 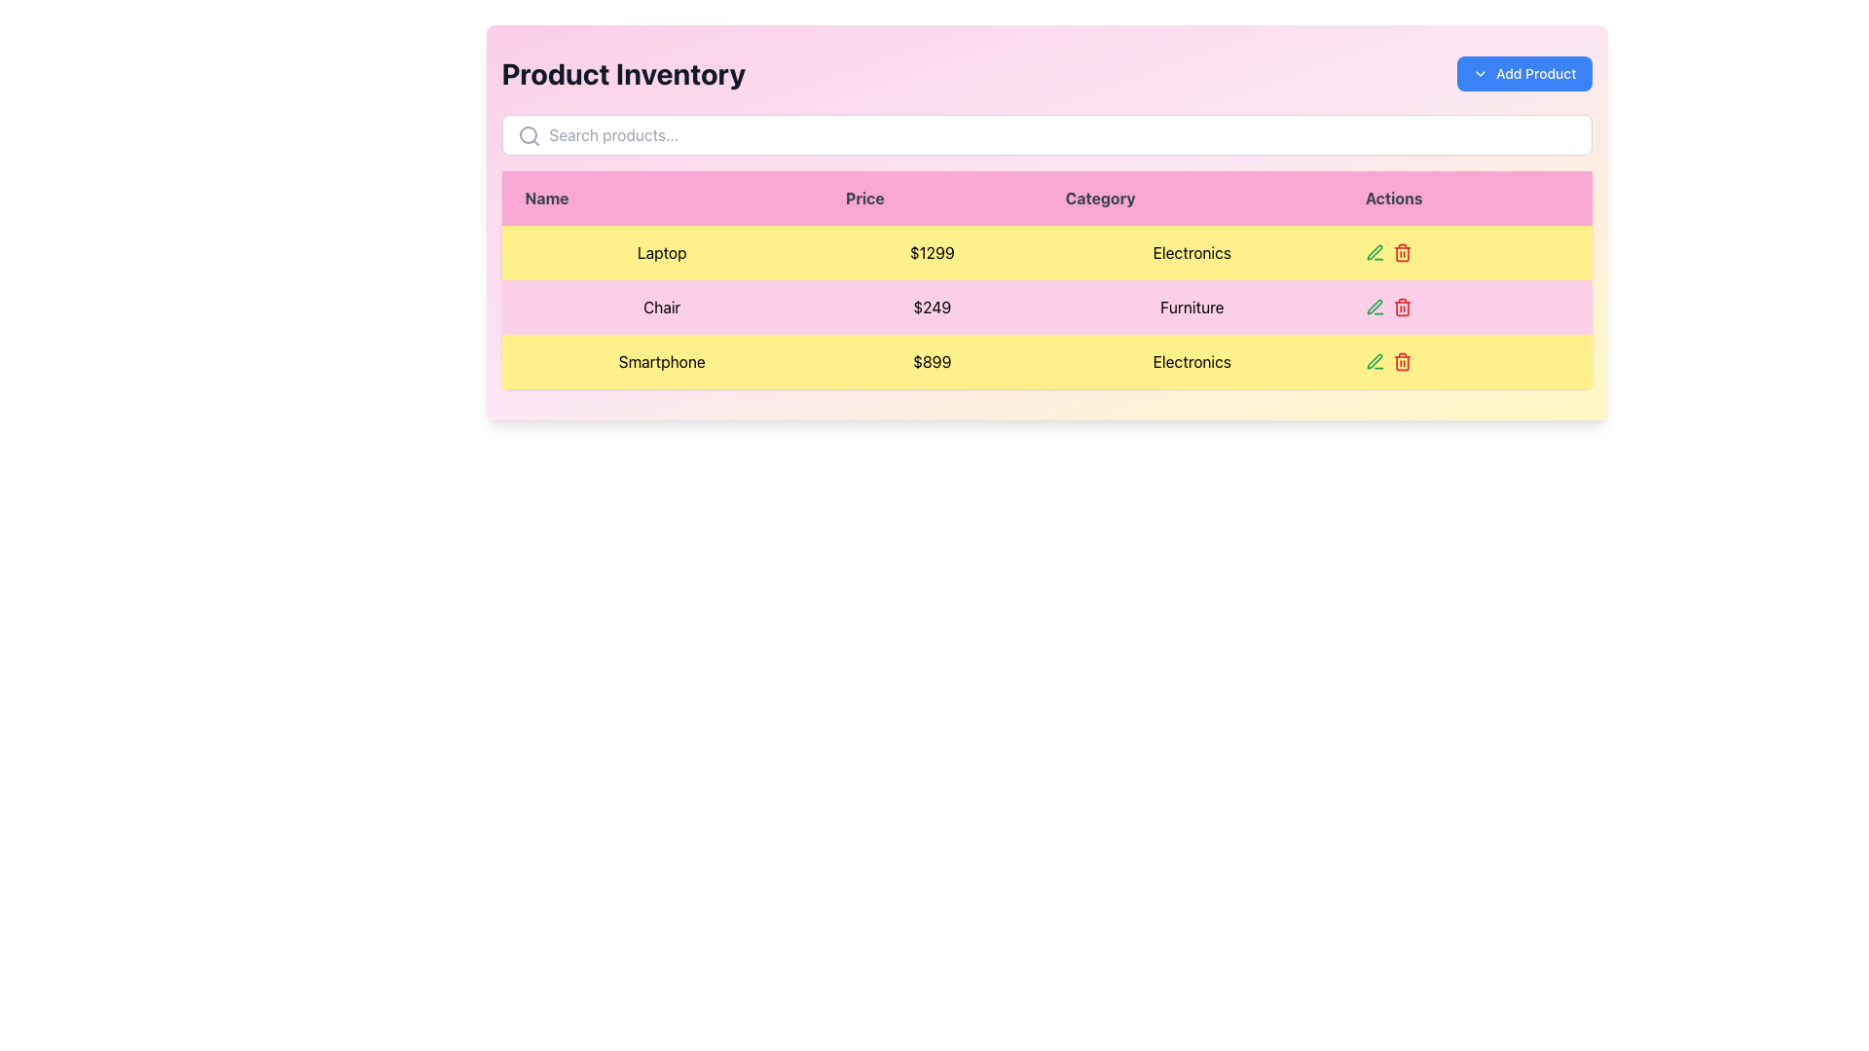 What do you see at coordinates (1374, 251) in the screenshot?
I see `the 'edit' button in the first row of the table under the 'Actions' column` at bounding box center [1374, 251].